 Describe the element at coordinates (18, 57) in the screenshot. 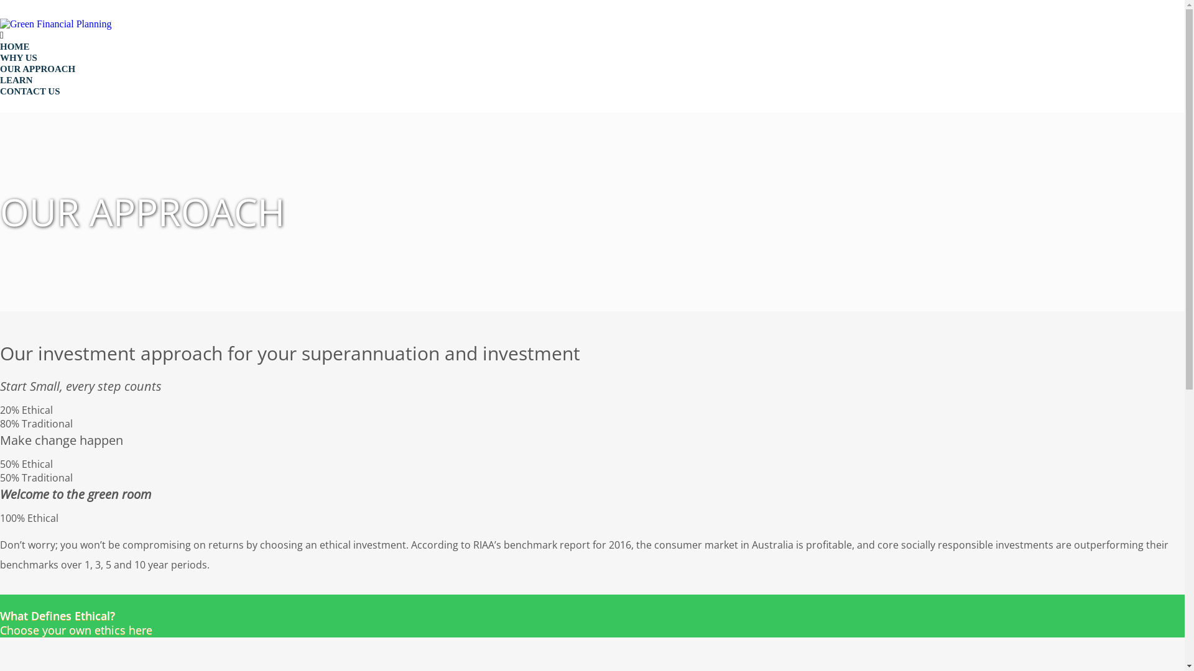

I see `'WHY US'` at that location.